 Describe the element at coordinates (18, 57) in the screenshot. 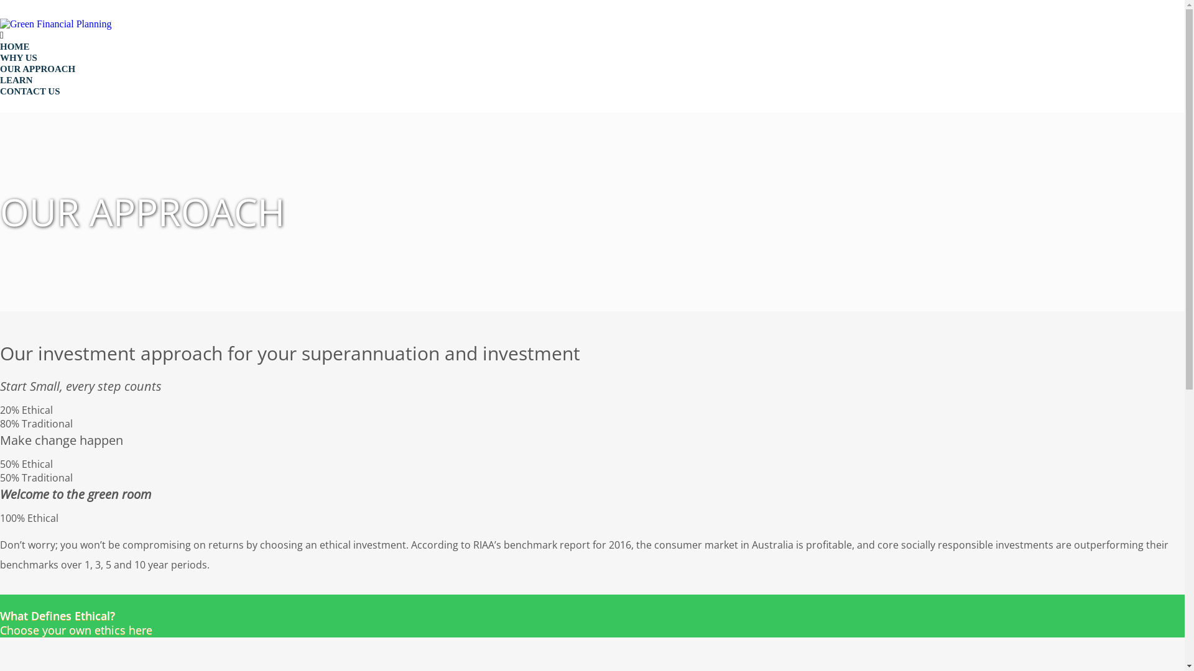

I see `'WHY US'` at that location.